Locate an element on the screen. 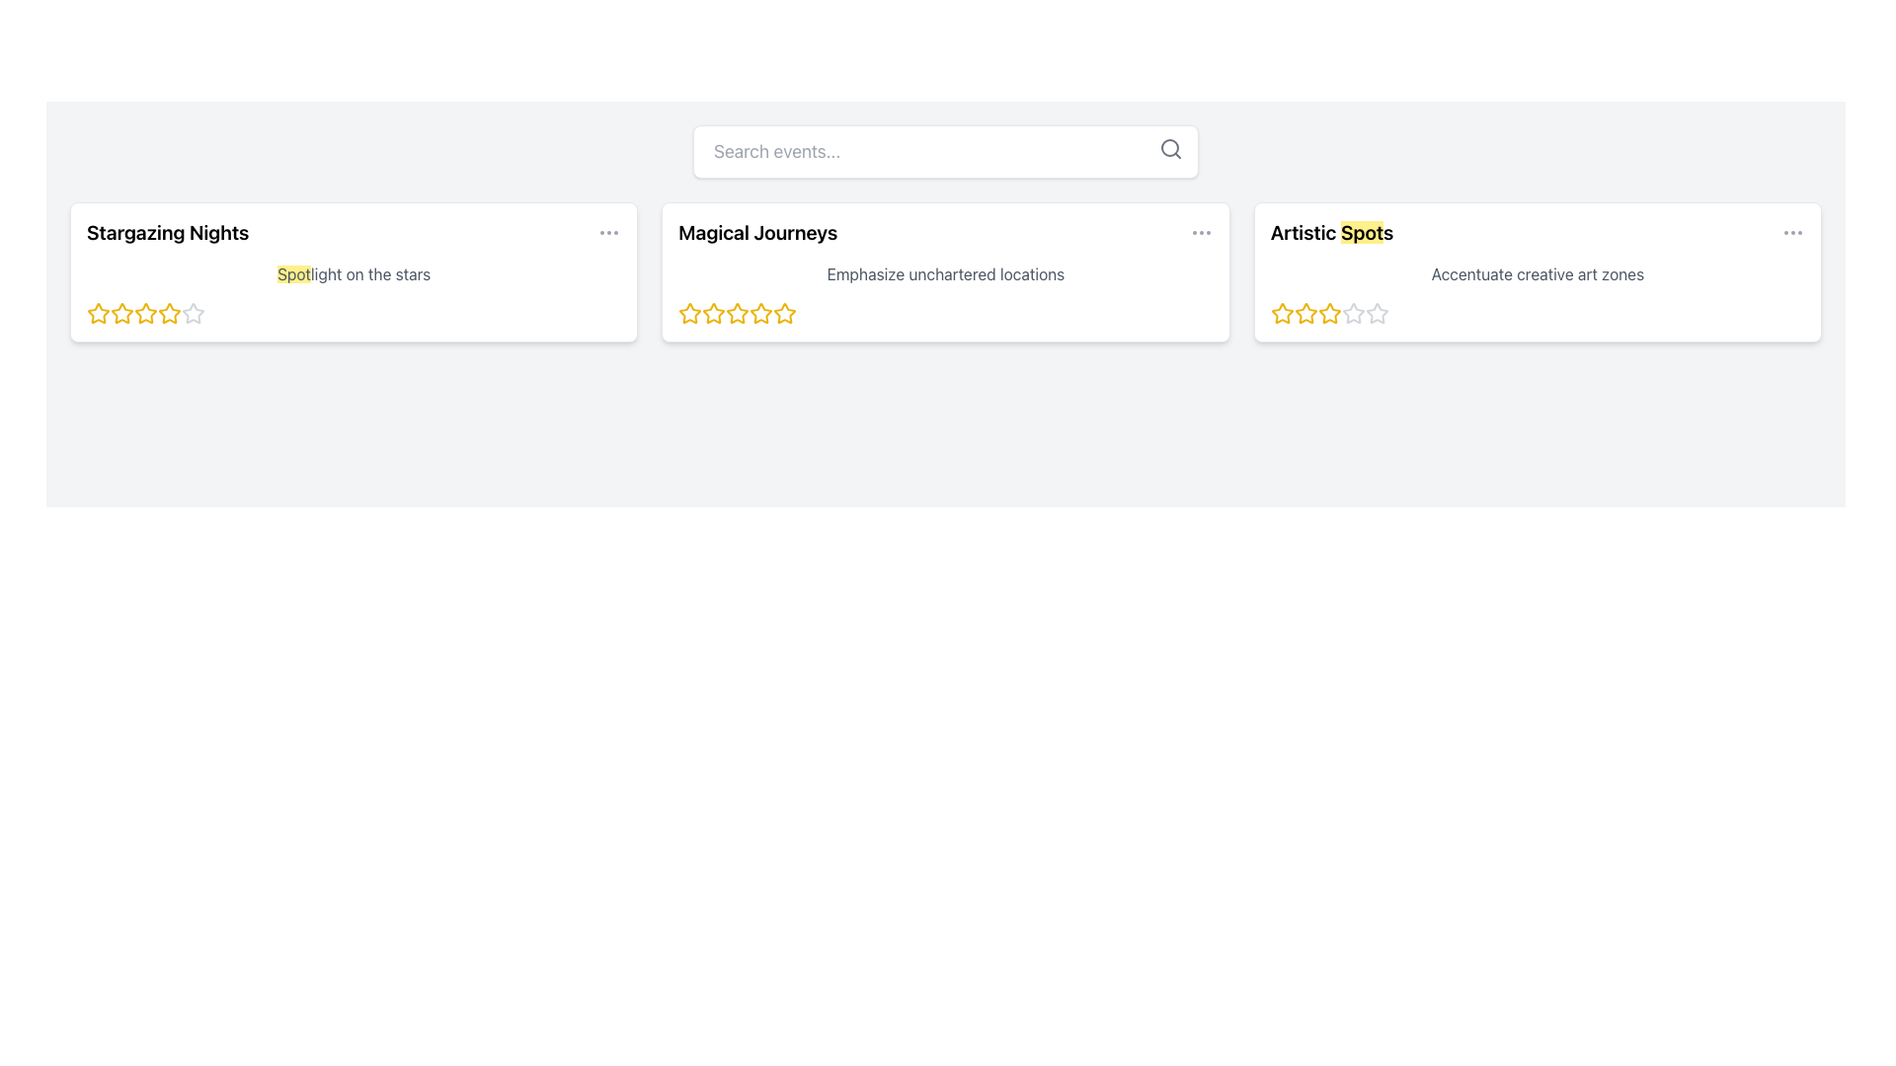 This screenshot has width=1896, height=1066. the circular lens of the magnifying glass icon located in the top-right corner of the interface, which is part of the search functionality is located at coordinates (1170, 147).